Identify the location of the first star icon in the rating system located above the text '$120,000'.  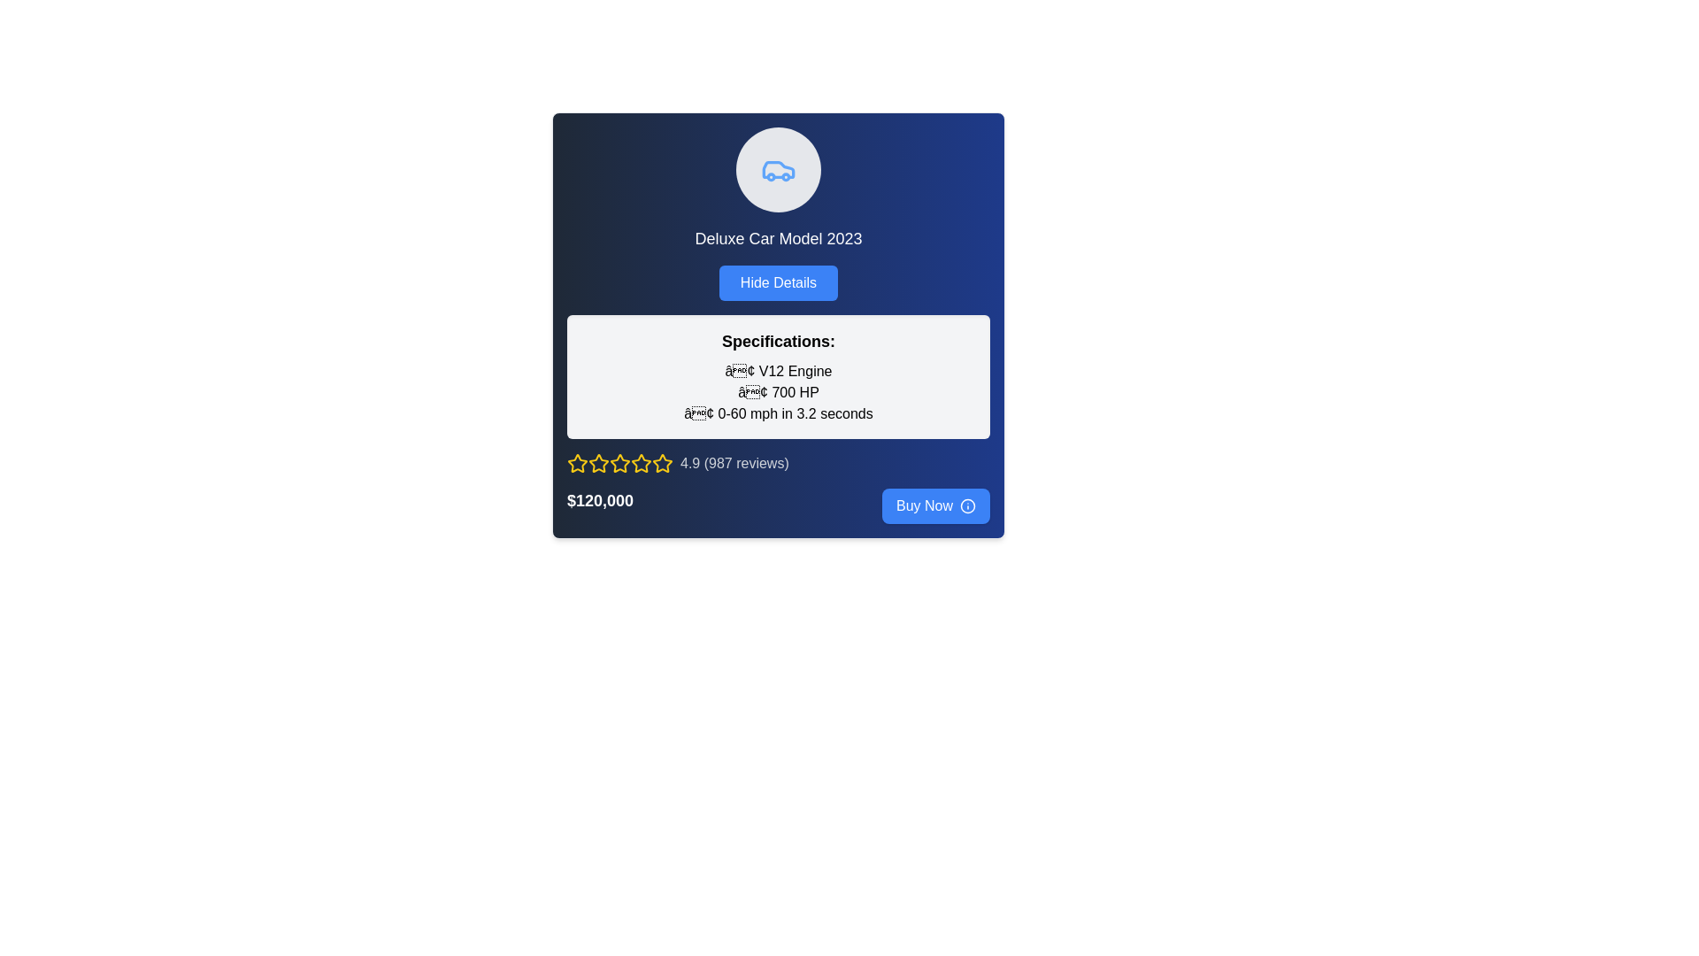
(598, 462).